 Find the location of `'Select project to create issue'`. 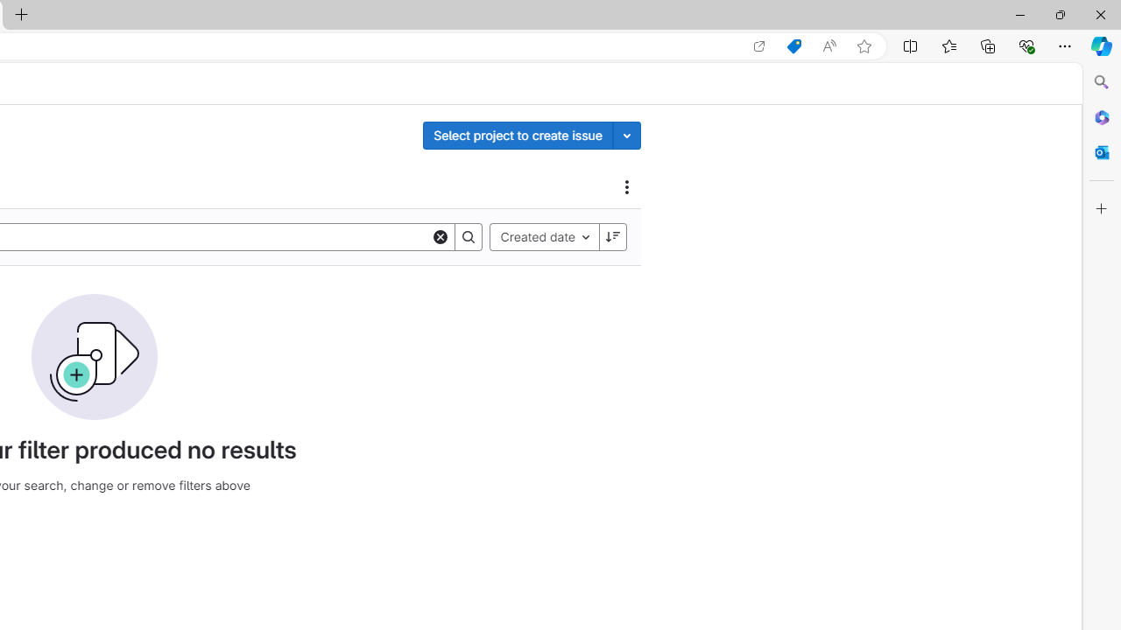

'Select project to create issue' is located at coordinates (517, 134).